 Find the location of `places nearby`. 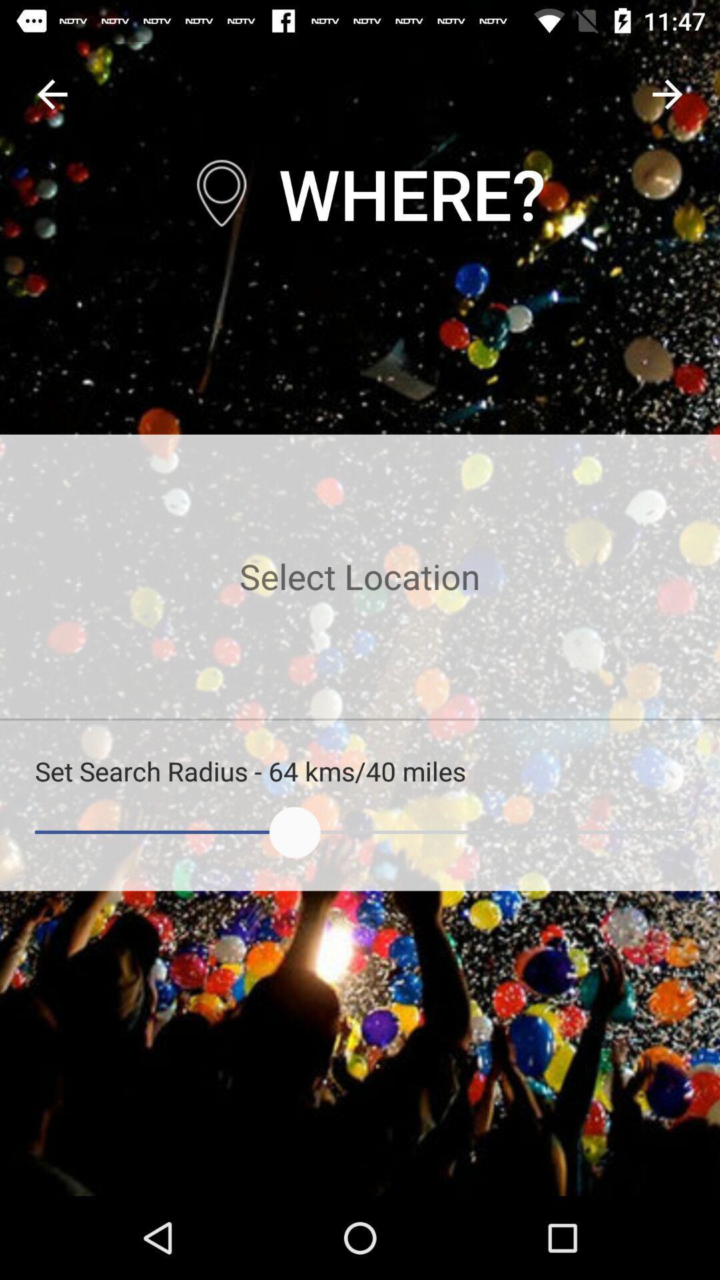

places nearby is located at coordinates (360, 576).